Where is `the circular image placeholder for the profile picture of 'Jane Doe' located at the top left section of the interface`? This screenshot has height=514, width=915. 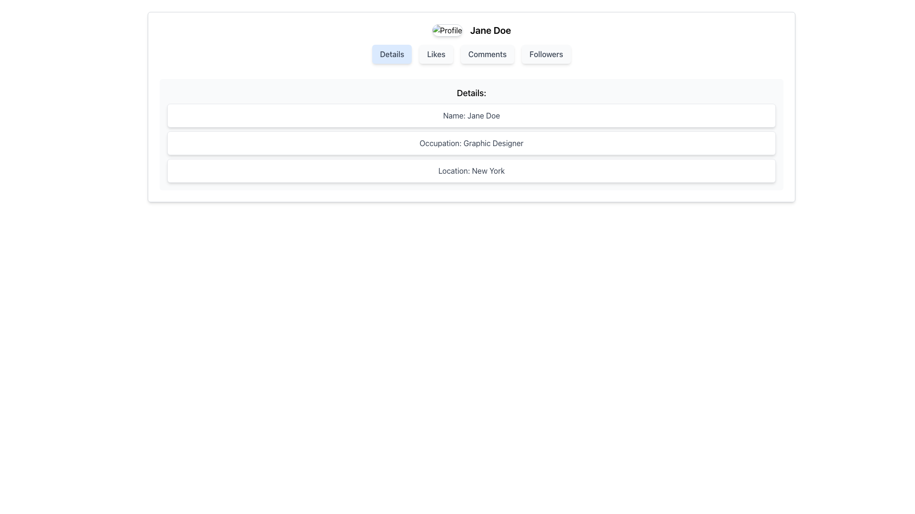
the circular image placeholder for the profile picture of 'Jane Doe' located at the top left section of the interface is located at coordinates (447, 30).